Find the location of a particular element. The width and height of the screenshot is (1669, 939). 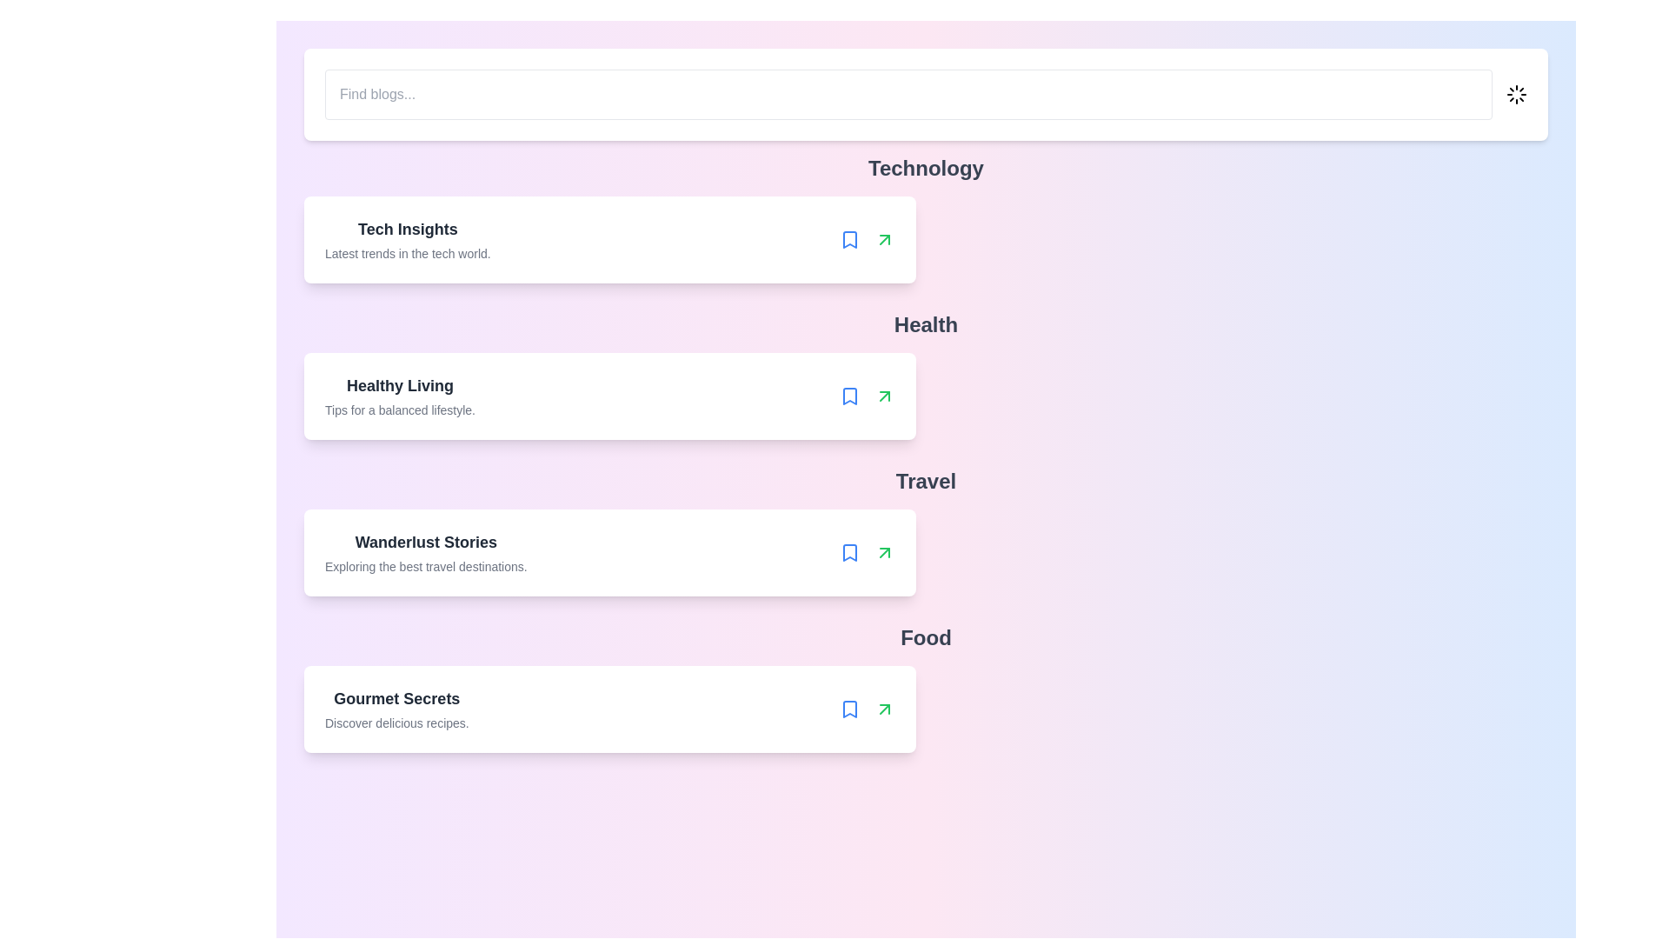

the bookmarking icon located in the top-right corner of the 'Tech Insights' card, which is the first card under the 'Technology' category is located at coordinates (849, 240).